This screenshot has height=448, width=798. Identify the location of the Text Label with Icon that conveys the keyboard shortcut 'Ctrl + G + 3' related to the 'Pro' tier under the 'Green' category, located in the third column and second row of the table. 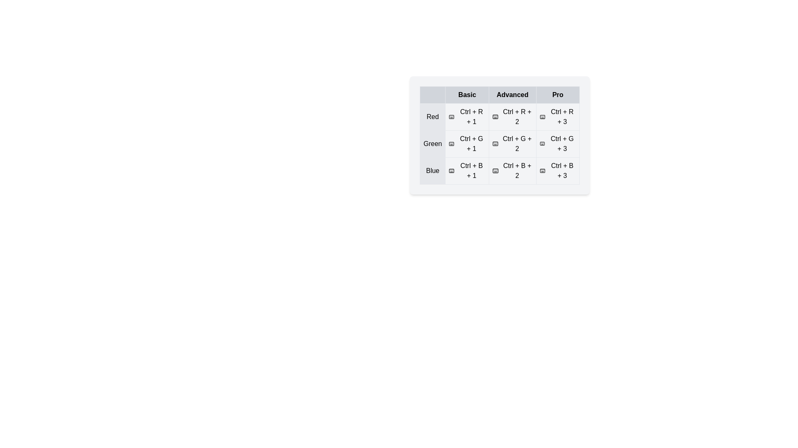
(558, 144).